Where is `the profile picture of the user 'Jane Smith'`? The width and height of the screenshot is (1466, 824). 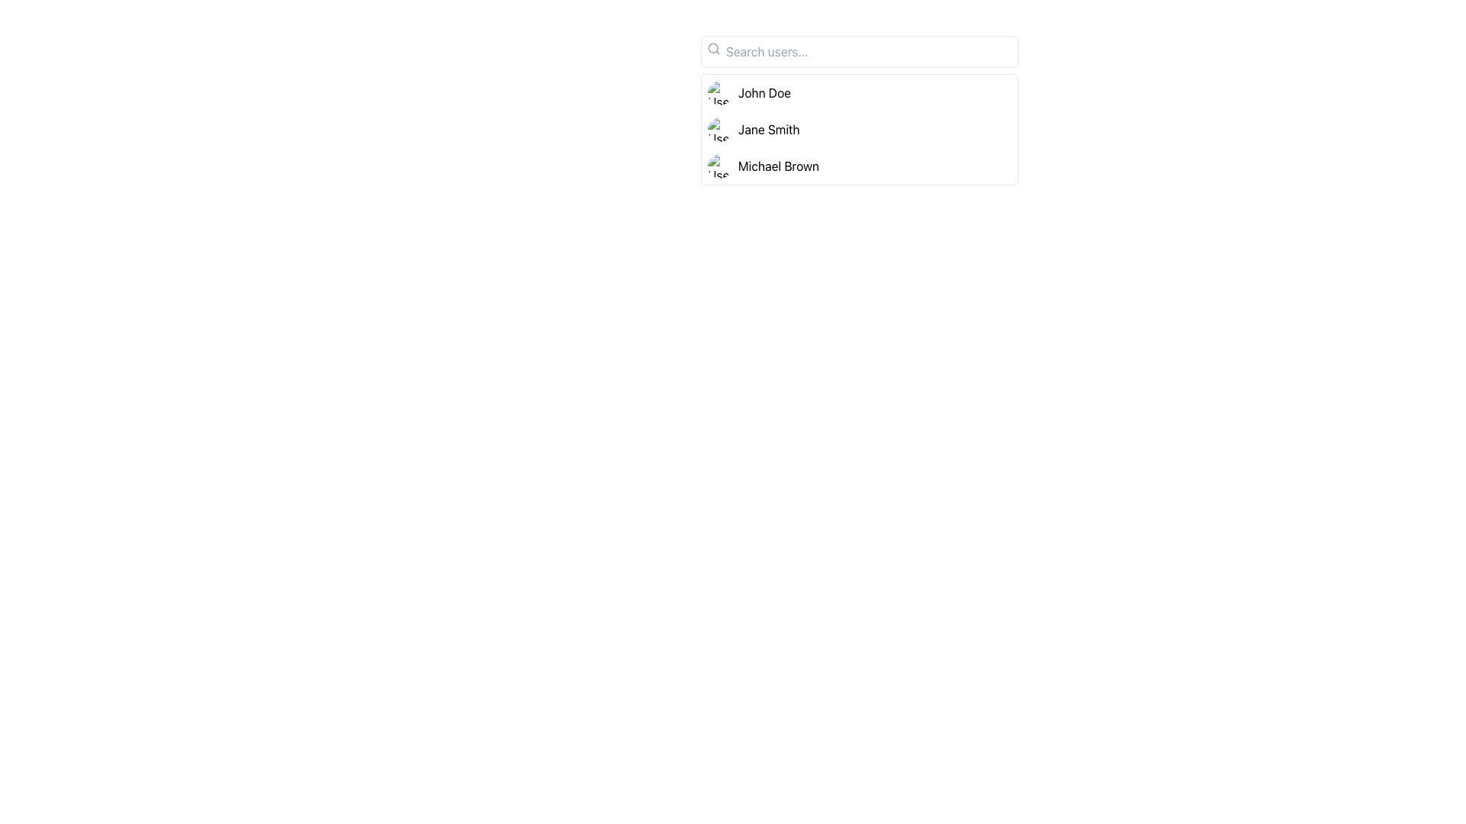
the profile picture of the user 'Jane Smith' is located at coordinates (718, 128).